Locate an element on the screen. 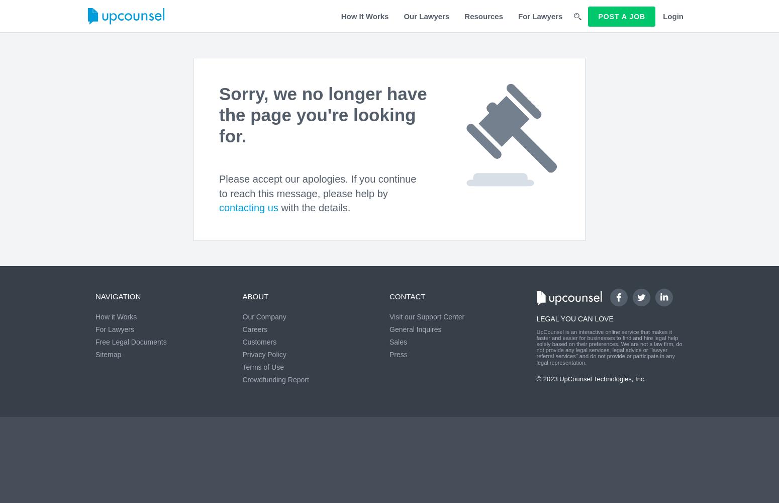  '©  2023 UpCounsel Technologies, Inc.' is located at coordinates (591, 378).